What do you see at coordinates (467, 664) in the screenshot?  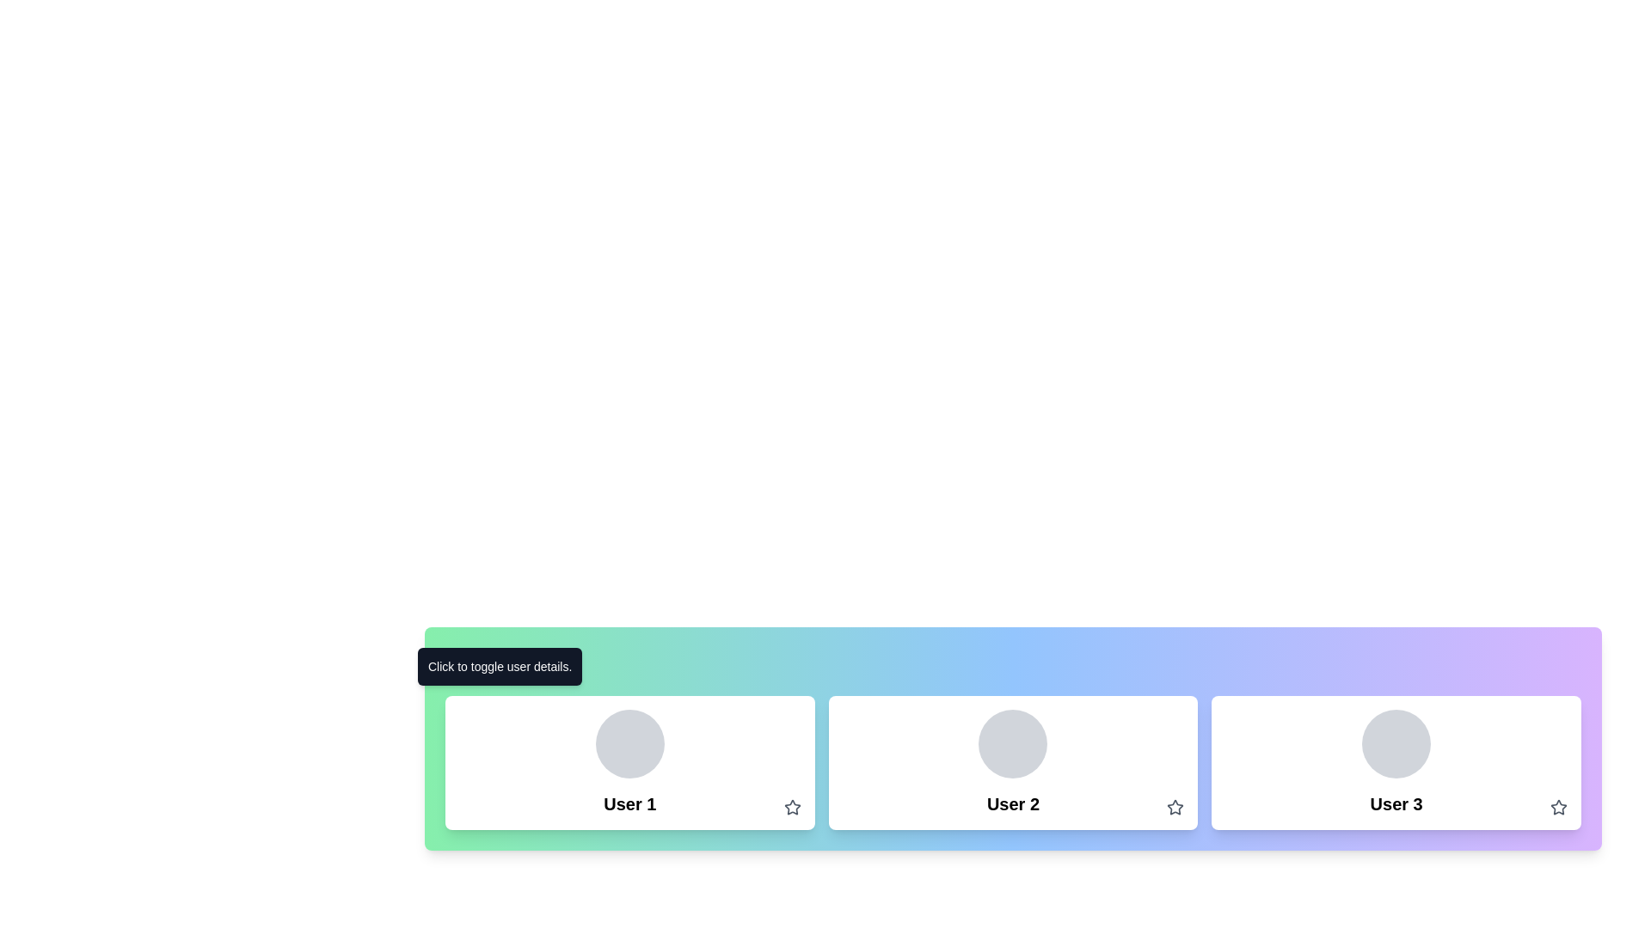 I see `the informational icon located to the left of the 'View Profile' button` at bounding box center [467, 664].